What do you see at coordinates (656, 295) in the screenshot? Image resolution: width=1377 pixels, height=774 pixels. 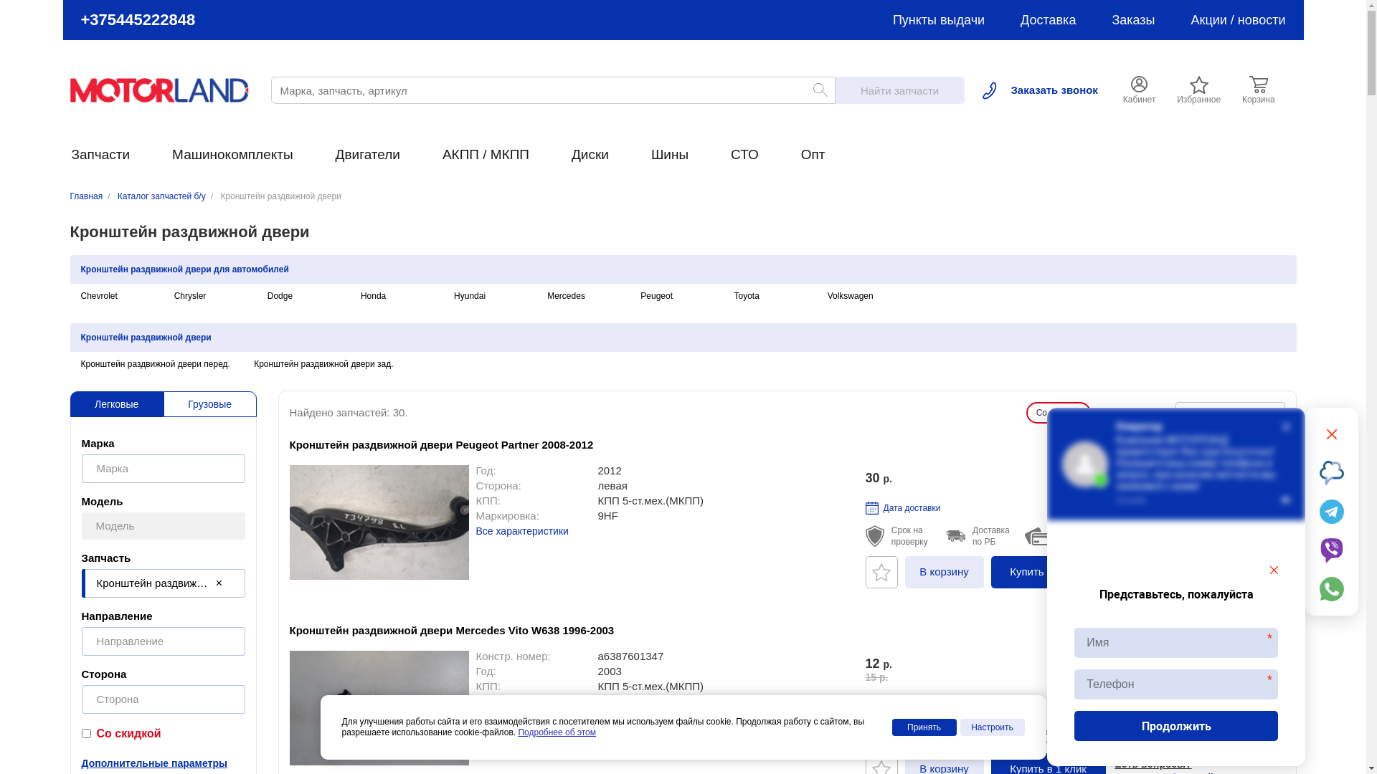 I see `'Peugeot'` at bounding box center [656, 295].